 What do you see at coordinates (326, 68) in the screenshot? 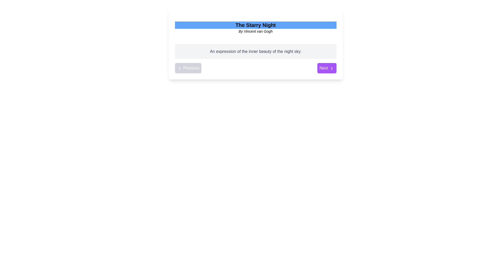
I see `the purple 'Next' button with rounded corners and white text` at bounding box center [326, 68].